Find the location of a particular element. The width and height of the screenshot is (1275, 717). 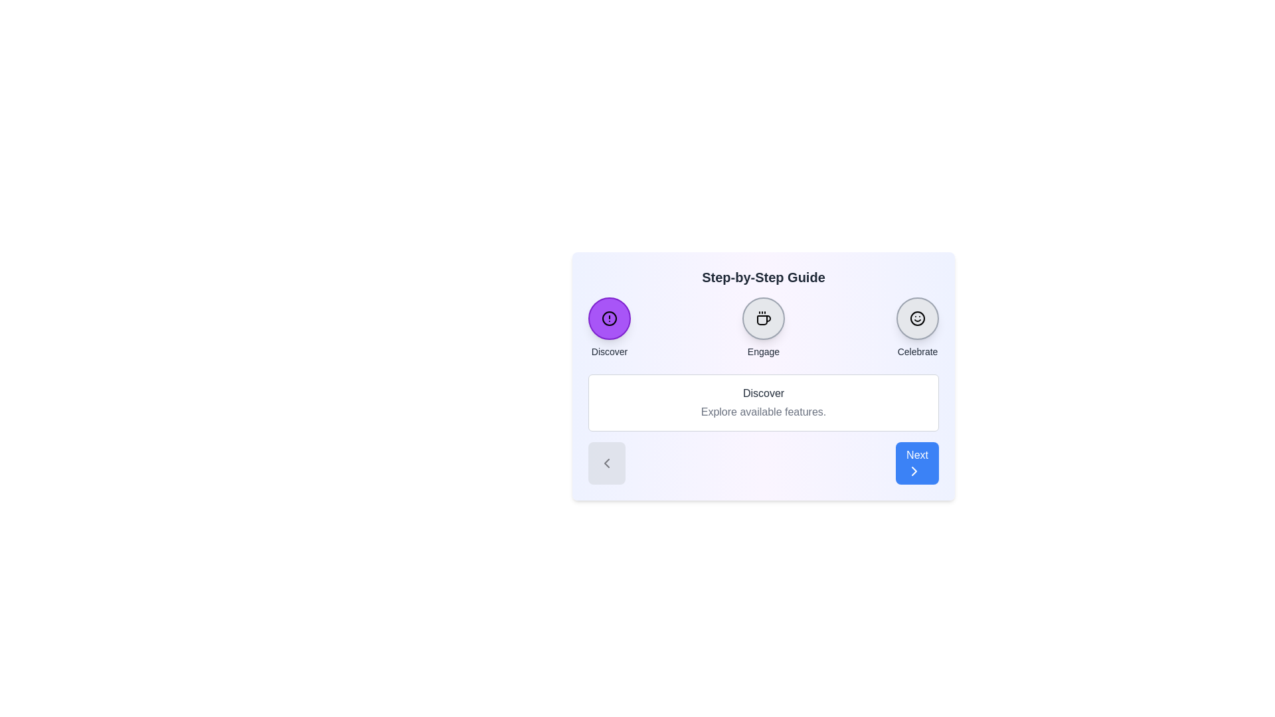

the 'Discover' button, which is the first in a horizontal group of three buttons, located to the left of the 'Engage' and 'Celebrate' buttons is located at coordinates (608, 327).